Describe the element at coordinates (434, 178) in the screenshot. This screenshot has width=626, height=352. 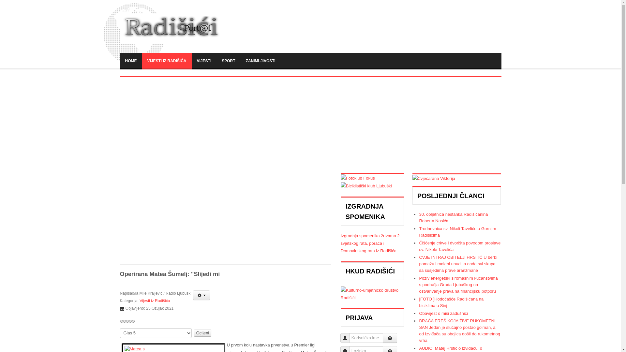
I see `'Viktorija'` at that location.